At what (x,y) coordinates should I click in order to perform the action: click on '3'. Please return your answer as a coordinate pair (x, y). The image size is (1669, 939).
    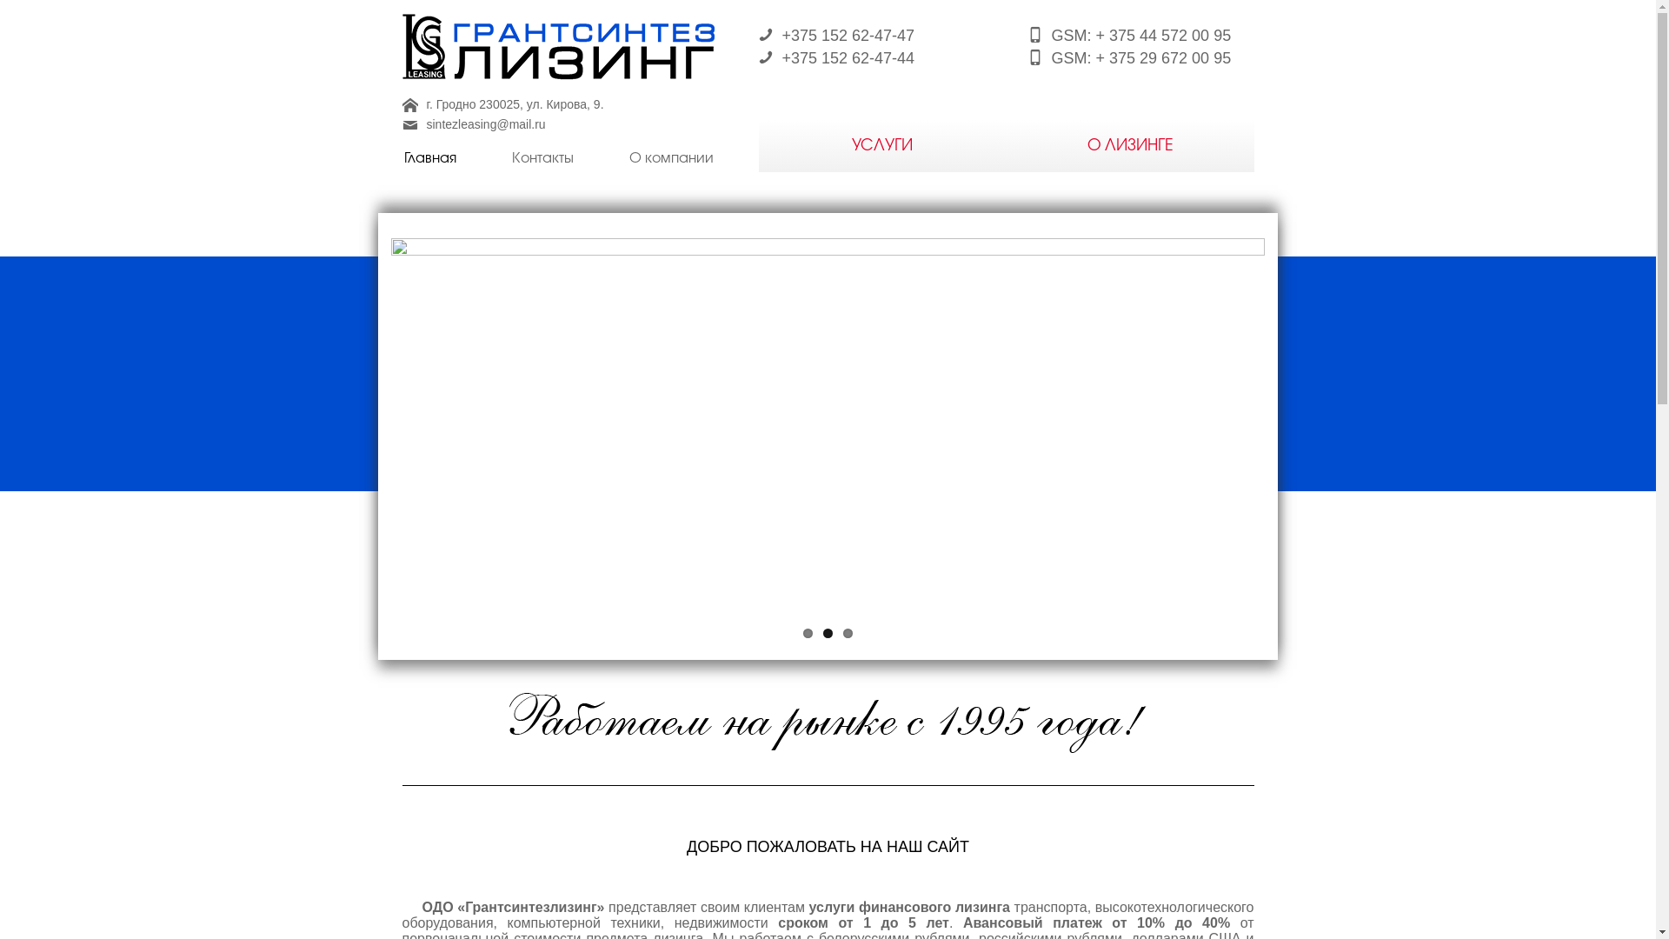
    Looking at the image, I should click on (848, 633).